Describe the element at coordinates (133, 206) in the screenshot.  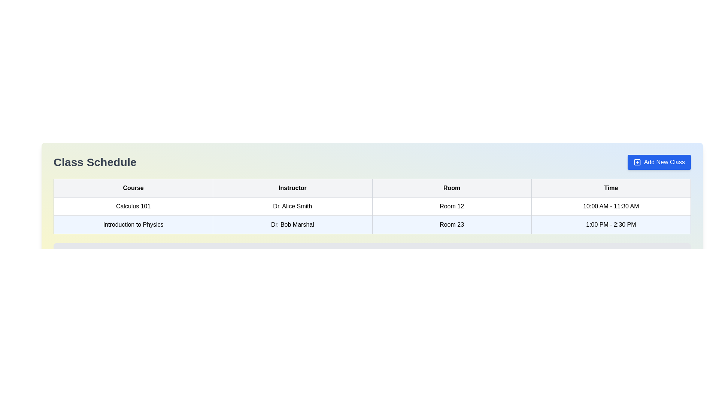
I see `the TableCell that displays the course name in the class schedule table, which is the first column of the row containing details for 'Dr. Alice Smith', 'Room 12', and '10:00 AM - 11:30 AM'` at that location.